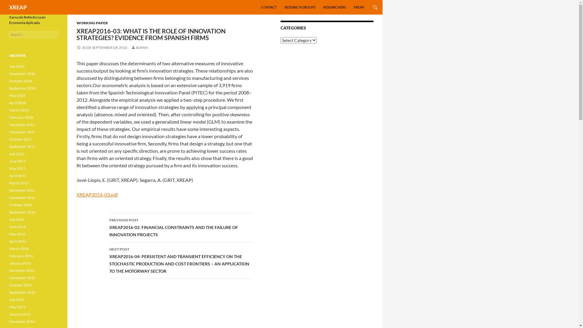 Image resolution: width=583 pixels, height=328 pixels. Describe the element at coordinates (19, 110) in the screenshot. I see `'March 2018'` at that location.